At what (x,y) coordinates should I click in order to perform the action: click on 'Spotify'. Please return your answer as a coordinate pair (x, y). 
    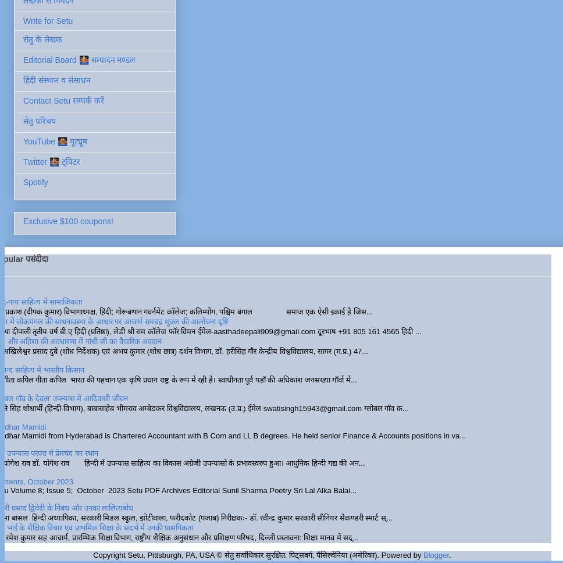
    Looking at the image, I should click on (34, 181).